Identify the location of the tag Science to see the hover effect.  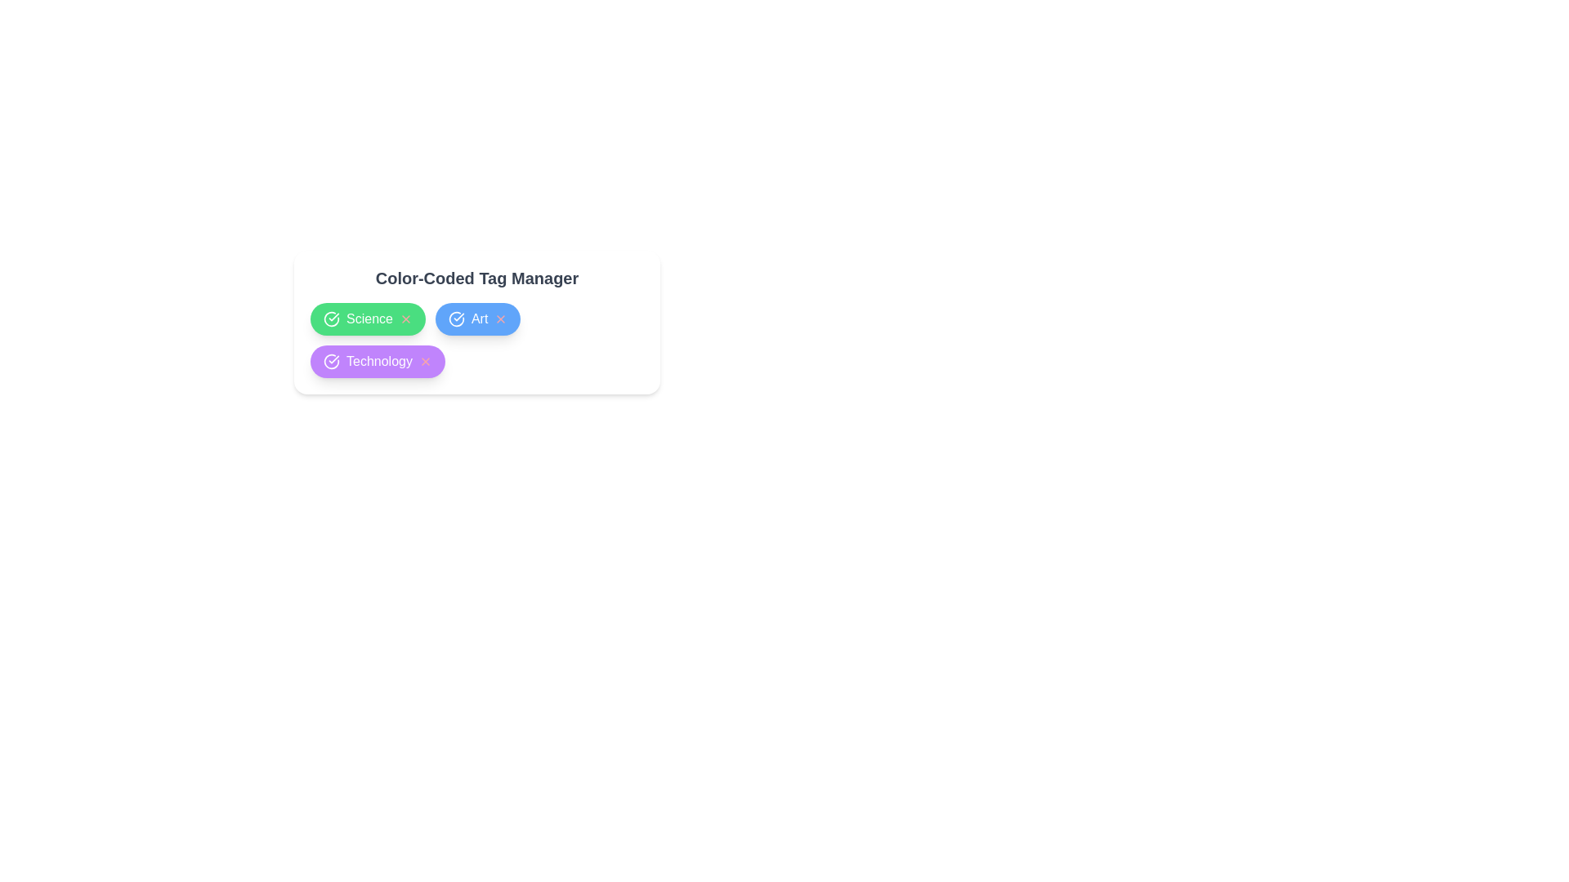
(367, 318).